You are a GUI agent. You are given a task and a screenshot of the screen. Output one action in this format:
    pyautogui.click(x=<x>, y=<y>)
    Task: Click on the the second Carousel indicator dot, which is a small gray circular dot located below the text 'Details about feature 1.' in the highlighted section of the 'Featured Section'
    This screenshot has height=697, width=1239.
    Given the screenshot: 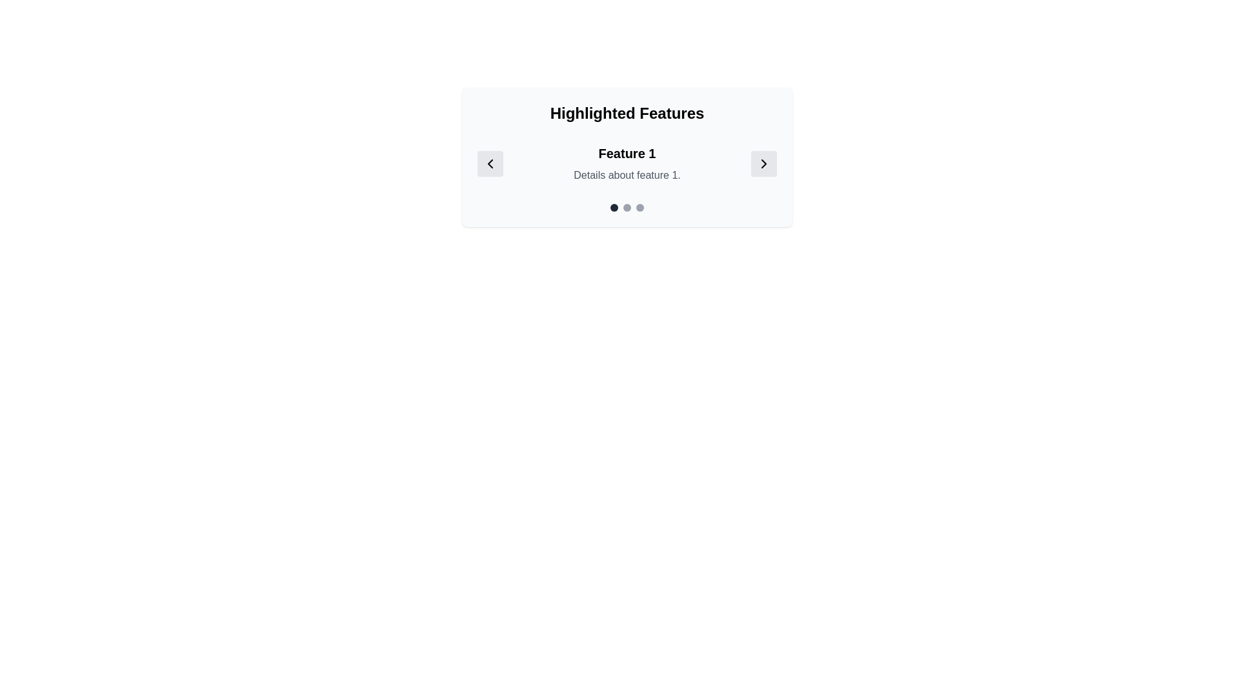 What is the action you would take?
    pyautogui.click(x=627, y=207)
    